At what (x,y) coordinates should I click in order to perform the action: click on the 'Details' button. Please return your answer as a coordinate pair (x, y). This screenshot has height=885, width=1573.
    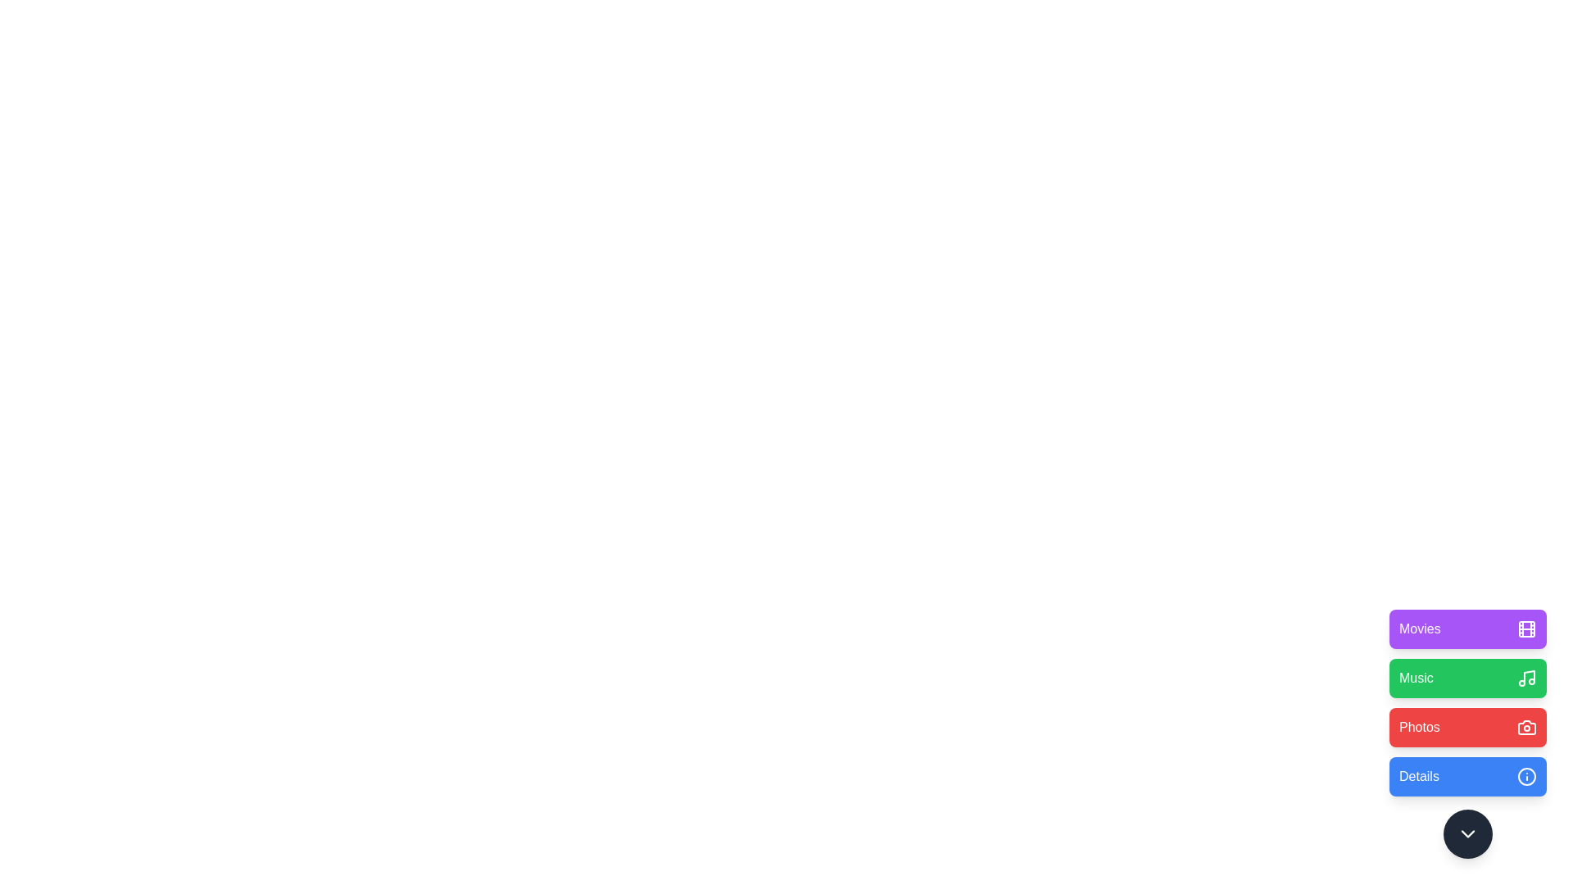
    Looking at the image, I should click on (1467, 776).